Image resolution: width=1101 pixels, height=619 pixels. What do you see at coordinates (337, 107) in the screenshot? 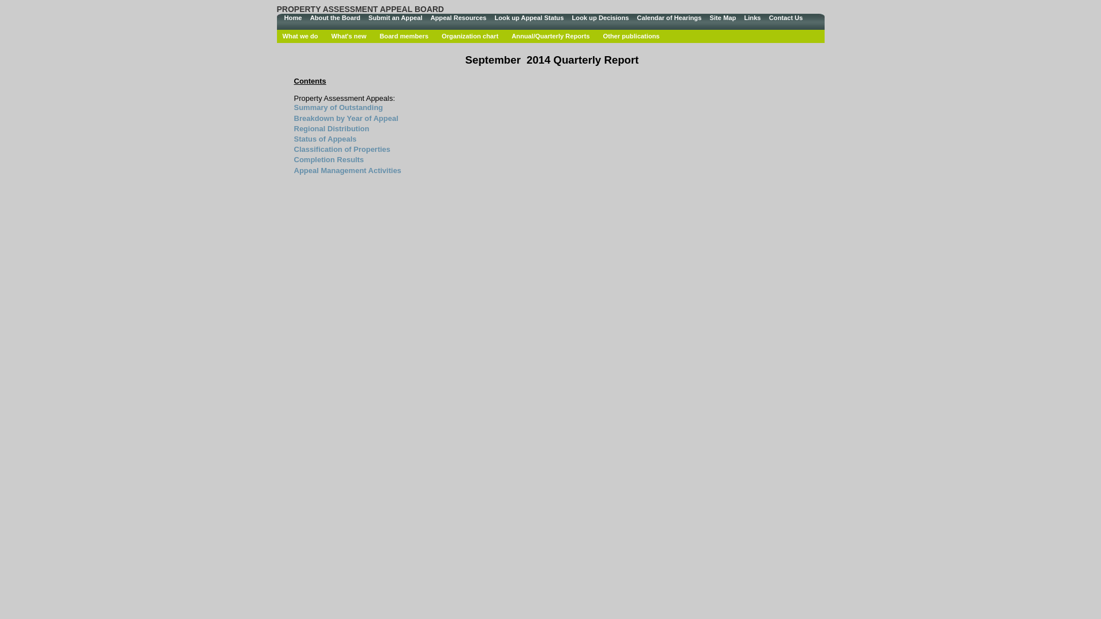
I see `'Summary of Outstanding'` at bounding box center [337, 107].